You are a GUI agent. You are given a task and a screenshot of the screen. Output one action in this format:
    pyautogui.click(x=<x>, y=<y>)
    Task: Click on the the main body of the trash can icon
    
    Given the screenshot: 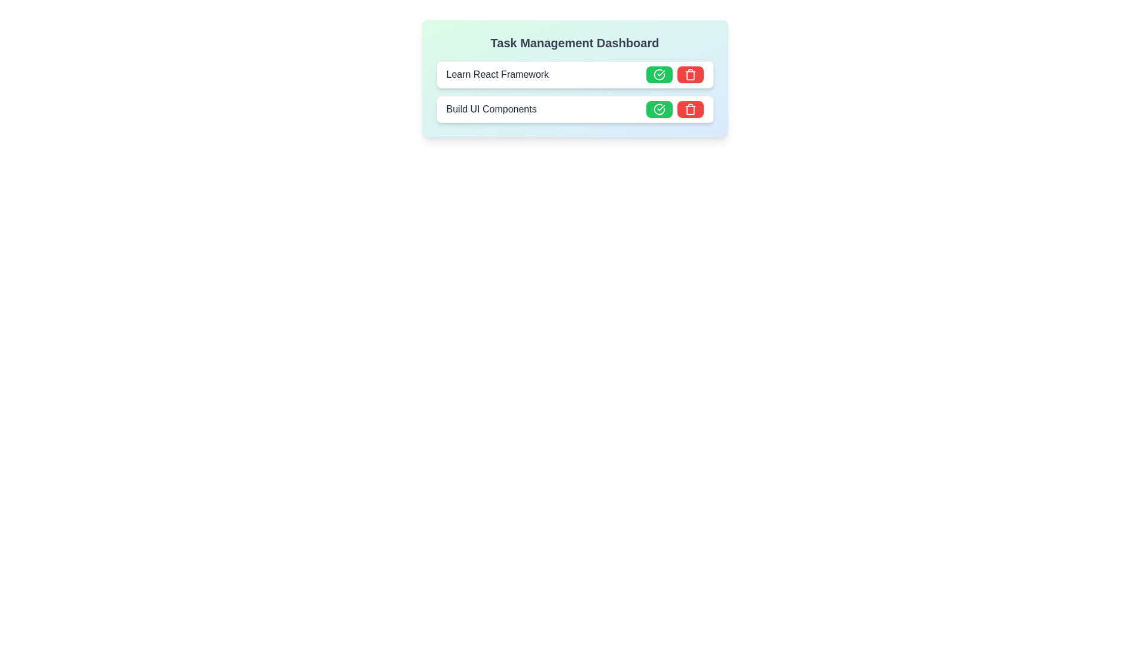 What is the action you would take?
    pyautogui.click(x=690, y=110)
    